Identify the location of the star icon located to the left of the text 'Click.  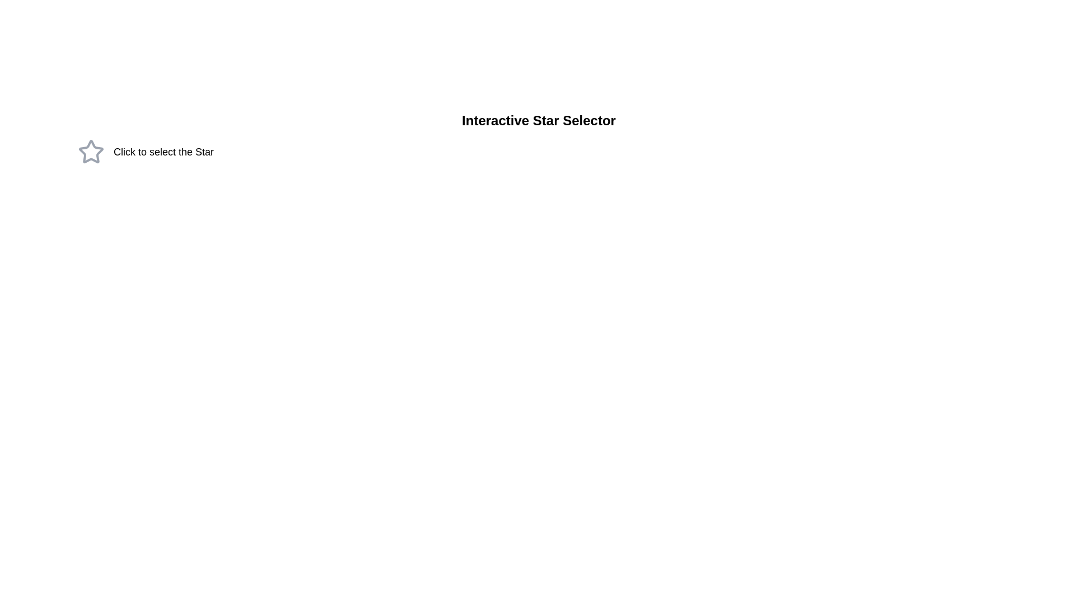
(91, 152).